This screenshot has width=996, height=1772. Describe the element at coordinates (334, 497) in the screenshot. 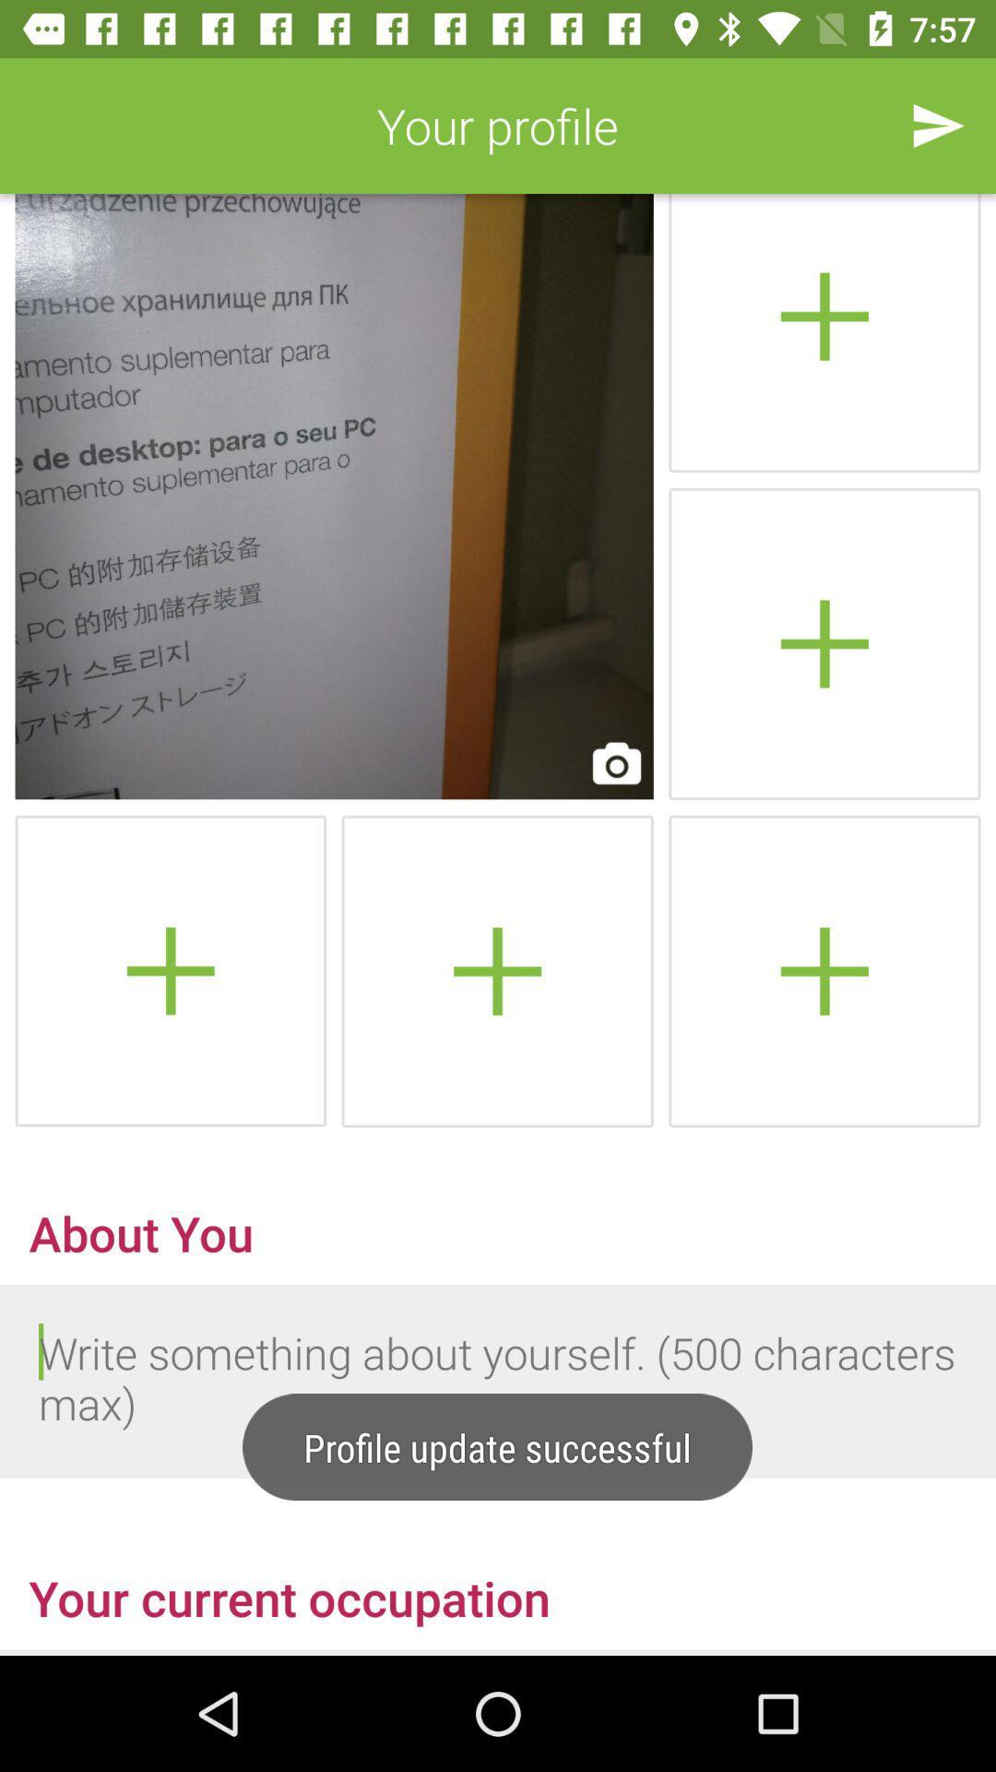

I see `enlarge picture` at that location.